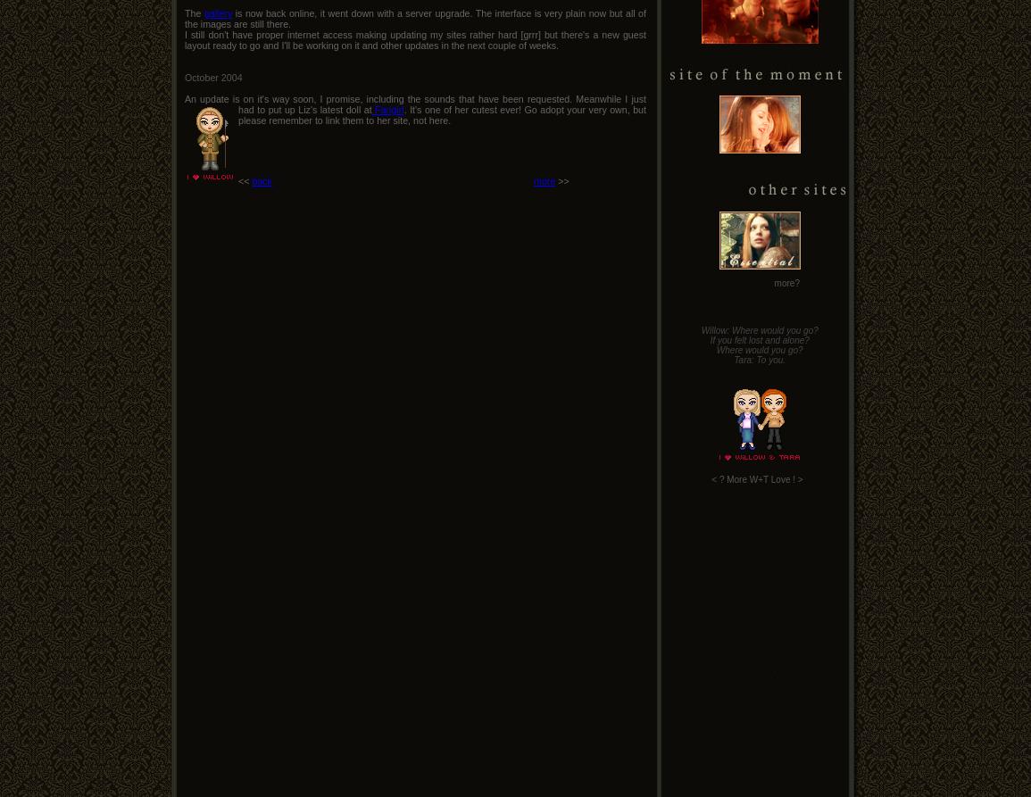  I want to click on 'More W+T Love', so click(757, 478).